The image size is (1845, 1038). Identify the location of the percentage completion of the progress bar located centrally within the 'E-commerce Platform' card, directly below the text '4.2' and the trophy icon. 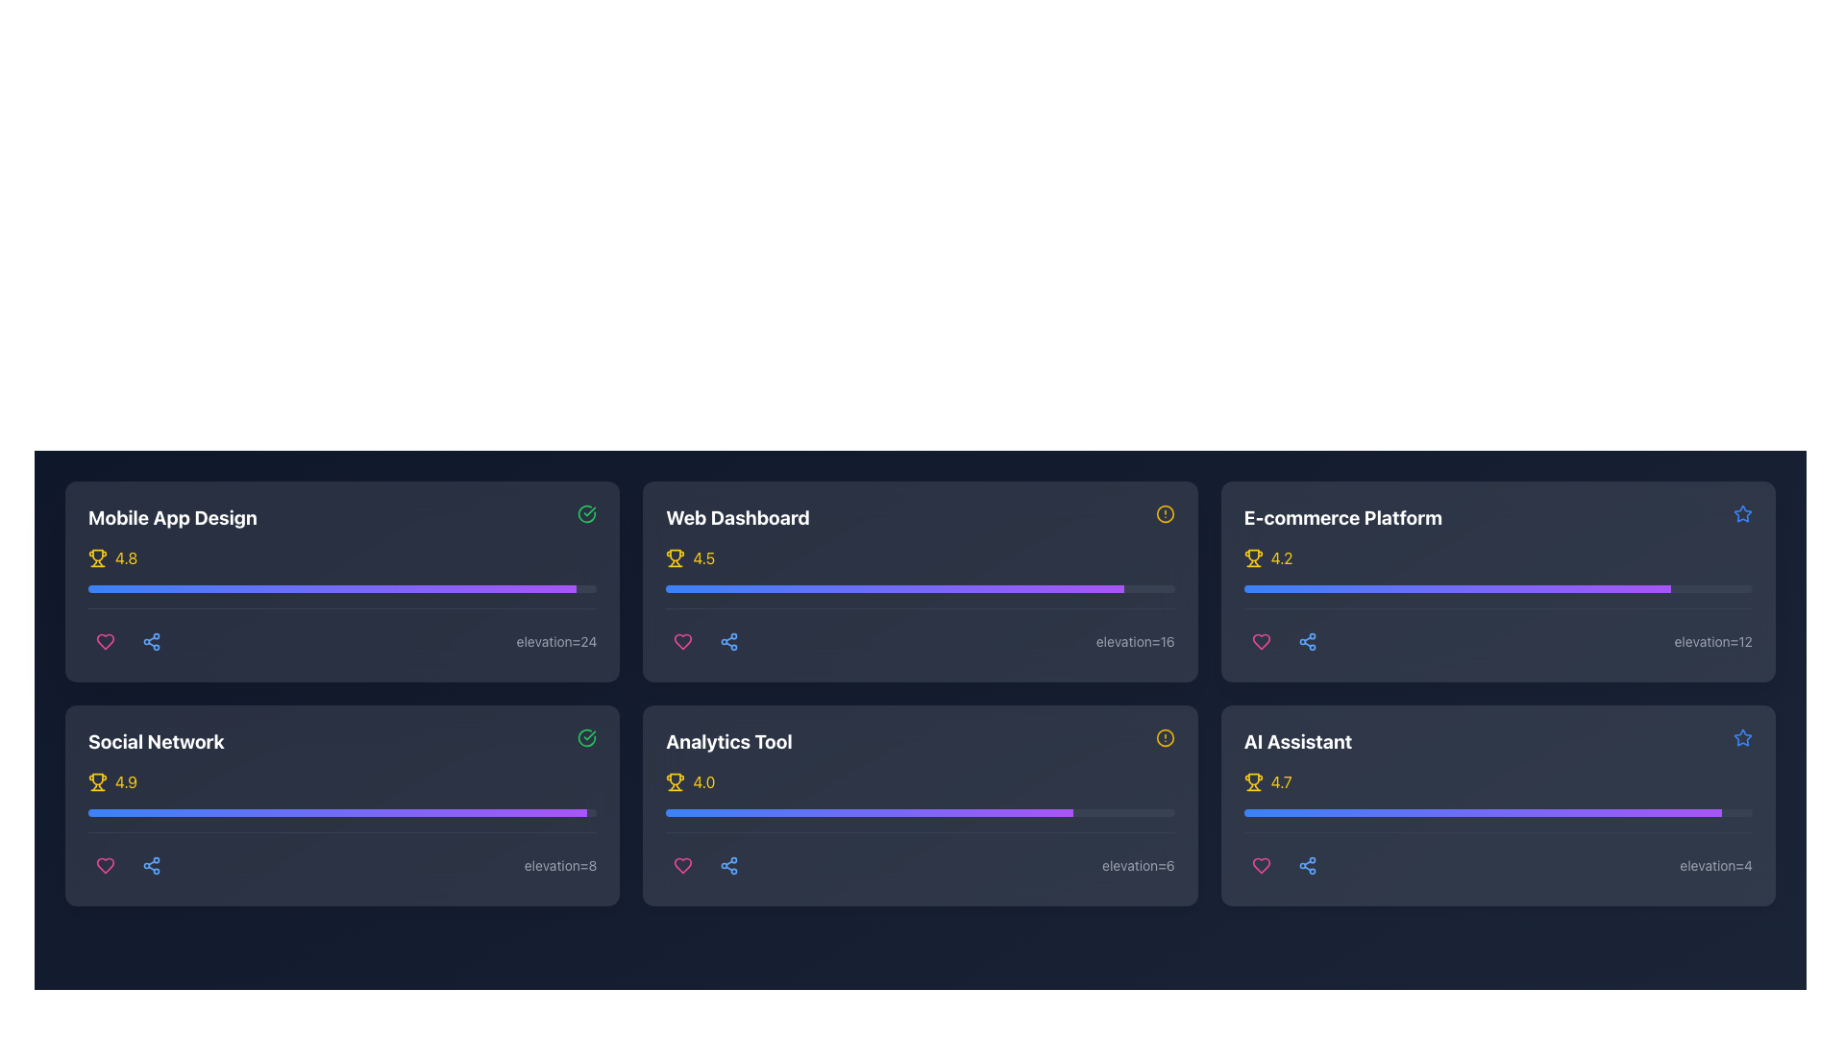
(1497, 602).